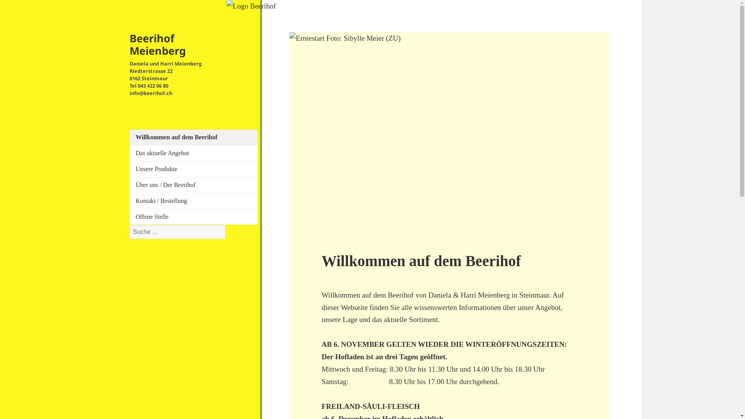  Describe the element at coordinates (225, 225) in the screenshot. I see `'Suche'` at that location.